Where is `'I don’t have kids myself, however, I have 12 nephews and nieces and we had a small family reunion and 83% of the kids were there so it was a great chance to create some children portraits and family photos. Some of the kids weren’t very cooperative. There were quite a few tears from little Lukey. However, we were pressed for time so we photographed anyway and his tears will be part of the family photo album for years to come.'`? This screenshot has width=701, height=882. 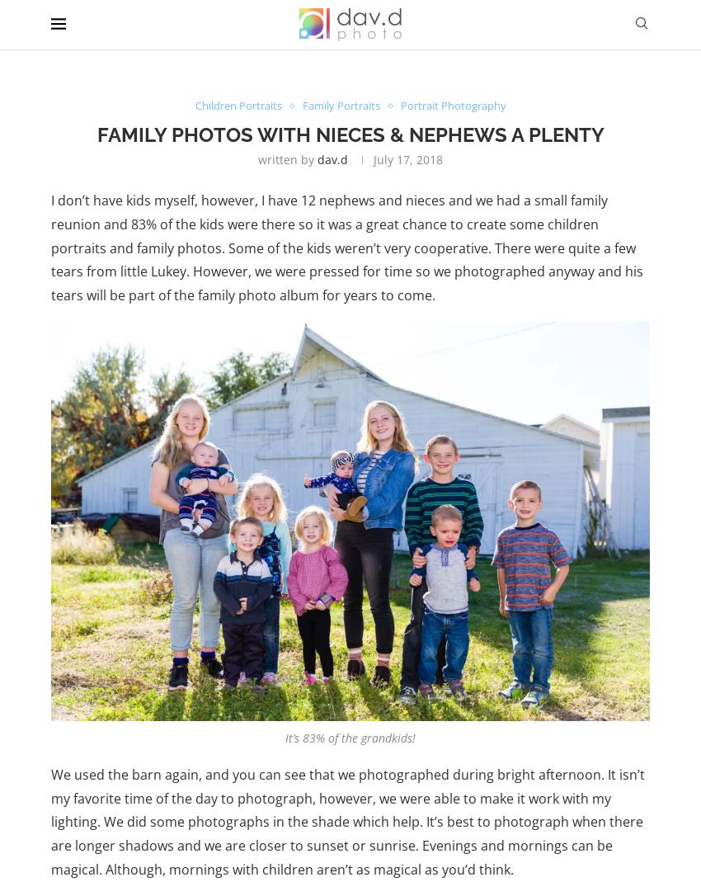 'I don’t have kids myself, however, I have 12 nephews and nieces and we had a small family reunion and 83% of the kids were there so it was a great chance to create some children portraits and family photos. Some of the kids weren’t very cooperative. There were quite a few tears from little Lukey. However, we were pressed for time so we photographed anyway and his tears will be part of the family photo album for years to come.' is located at coordinates (347, 246).